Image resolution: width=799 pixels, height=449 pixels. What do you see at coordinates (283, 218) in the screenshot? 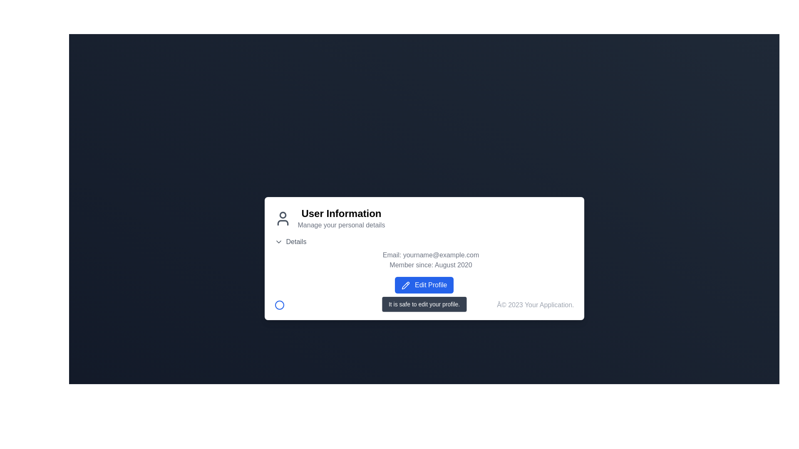
I see `the user profile icon, which is a circular outline representing the head and shoulders, located to the left of the 'User Information' text` at bounding box center [283, 218].